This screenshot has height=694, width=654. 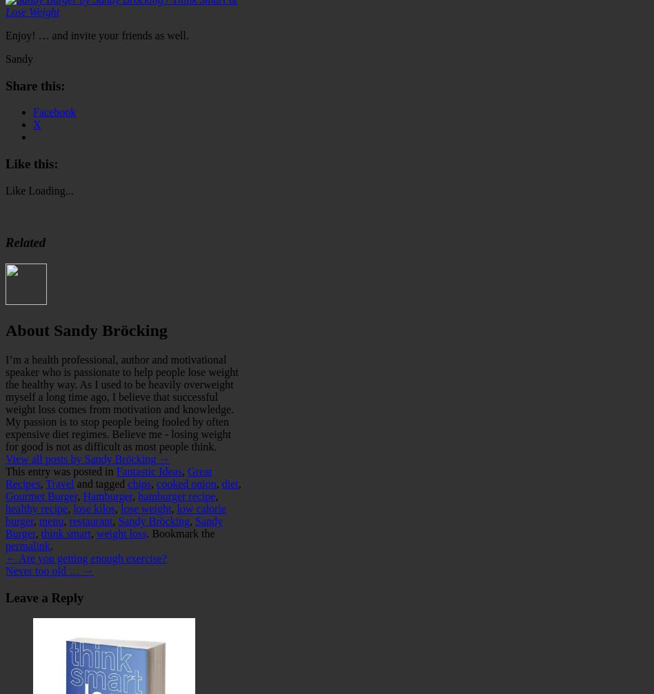 I want to click on 'Are you getting enough exercise?', so click(x=91, y=557).